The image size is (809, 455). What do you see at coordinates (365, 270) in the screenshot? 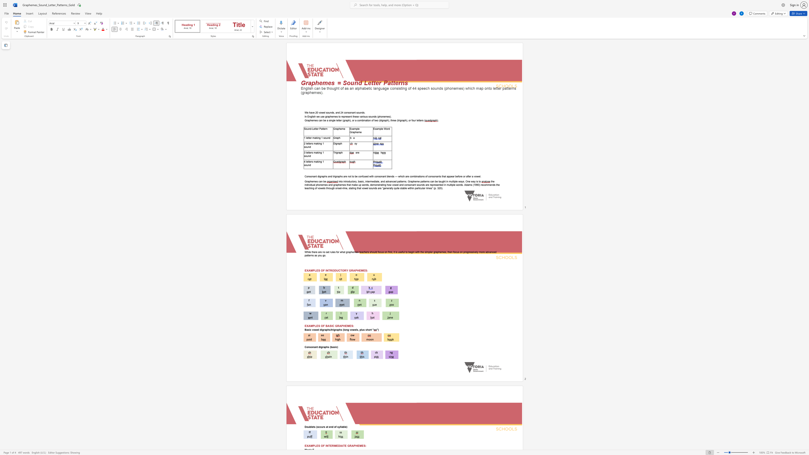
I see `the subset text "S:" within the text "EXAMPLES OF INTRODUCTORY GRAPHEMES:"` at bounding box center [365, 270].